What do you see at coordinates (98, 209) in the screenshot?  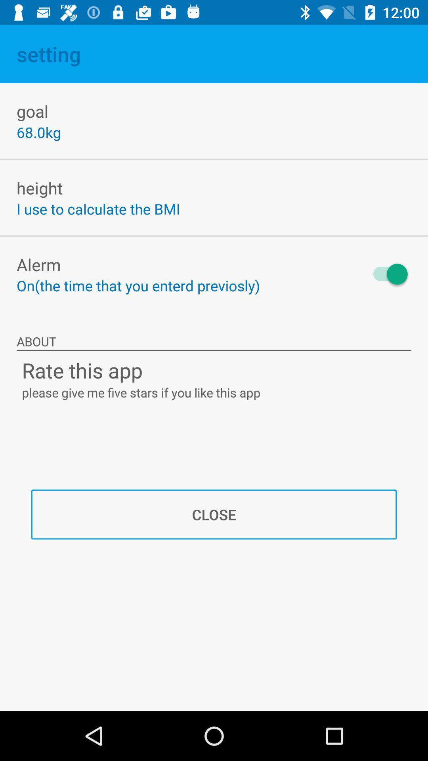 I see `item above alerm` at bounding box center [98, 209].